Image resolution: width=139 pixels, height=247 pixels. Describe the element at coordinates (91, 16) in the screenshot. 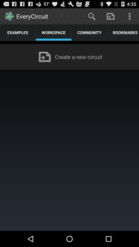

I see `icon to the right of everycircuit app` at that location.